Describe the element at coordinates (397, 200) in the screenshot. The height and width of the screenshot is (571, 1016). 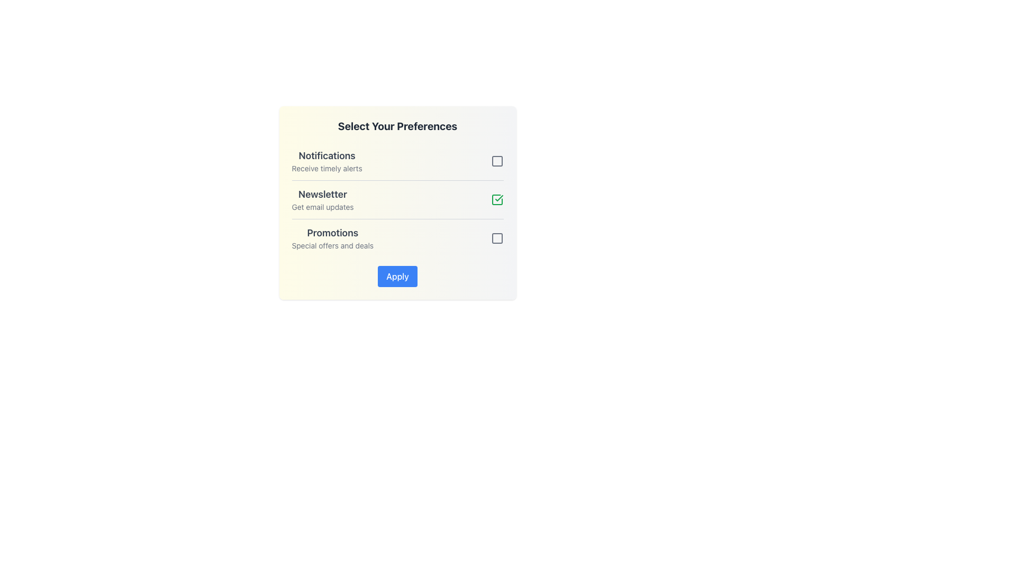
I see `the Multi-section preference selector with checkboxes in the 'Select Your Preferences' dialog` at that location.